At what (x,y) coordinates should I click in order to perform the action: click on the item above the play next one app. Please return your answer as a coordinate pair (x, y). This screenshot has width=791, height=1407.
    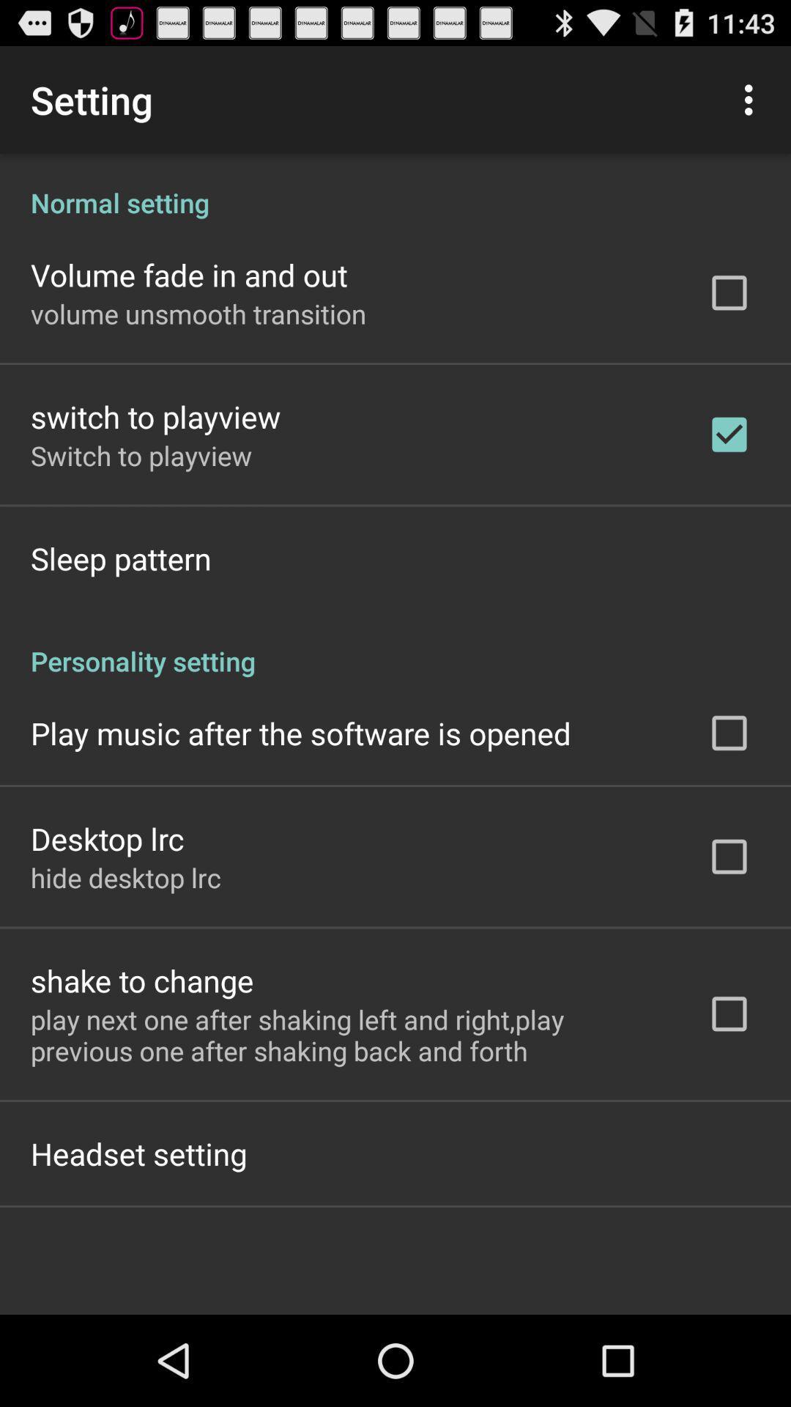
    Looking at the image, I should click on (142, 981).